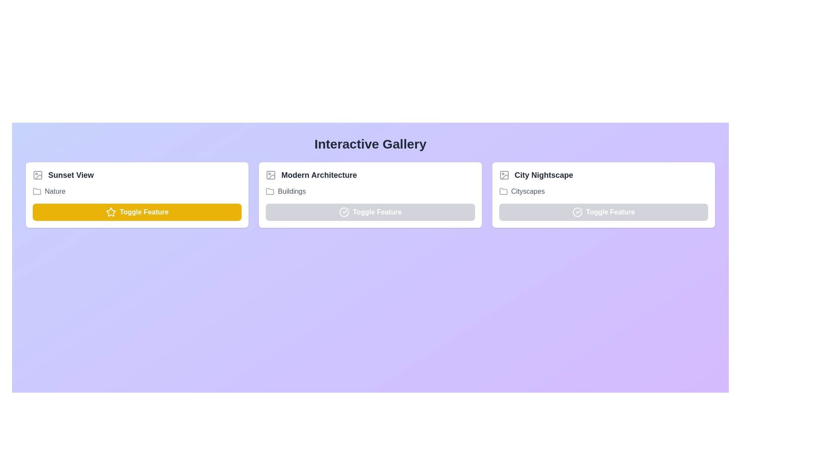  I want to click on the grayscale image icon with a stroke outline located at the top-left corner of the 'Modern Architecture' title, so click(270, 175).